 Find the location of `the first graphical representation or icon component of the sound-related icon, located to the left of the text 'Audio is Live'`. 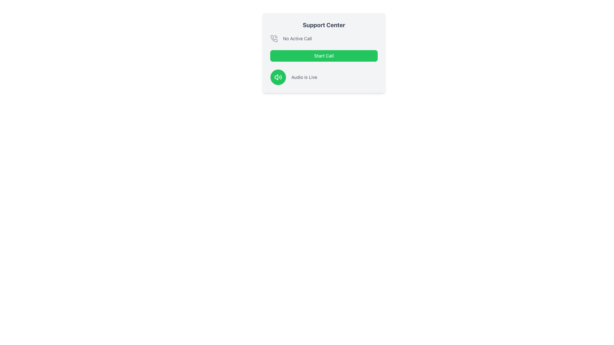

the first graphical representation or icon component of the sound-related icon, located to the left of the text 'Audio is Live' is located at coordinates (276, 77).